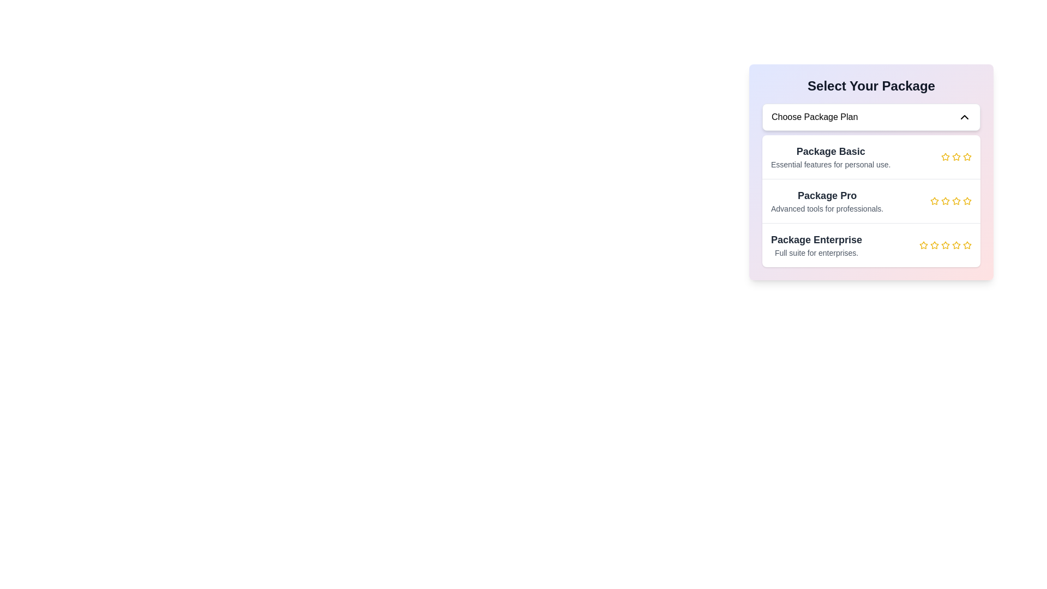 Image resolution: width=1047 pixels, height=589 pixels. What do you see at coordinates (871, 184) in the screenshot?
I see `the selectable option for the 'Pro' package, which is centered within the card labeled 'Select Your Package' and is positioned second among other package options` at bounding box center [871, 184].